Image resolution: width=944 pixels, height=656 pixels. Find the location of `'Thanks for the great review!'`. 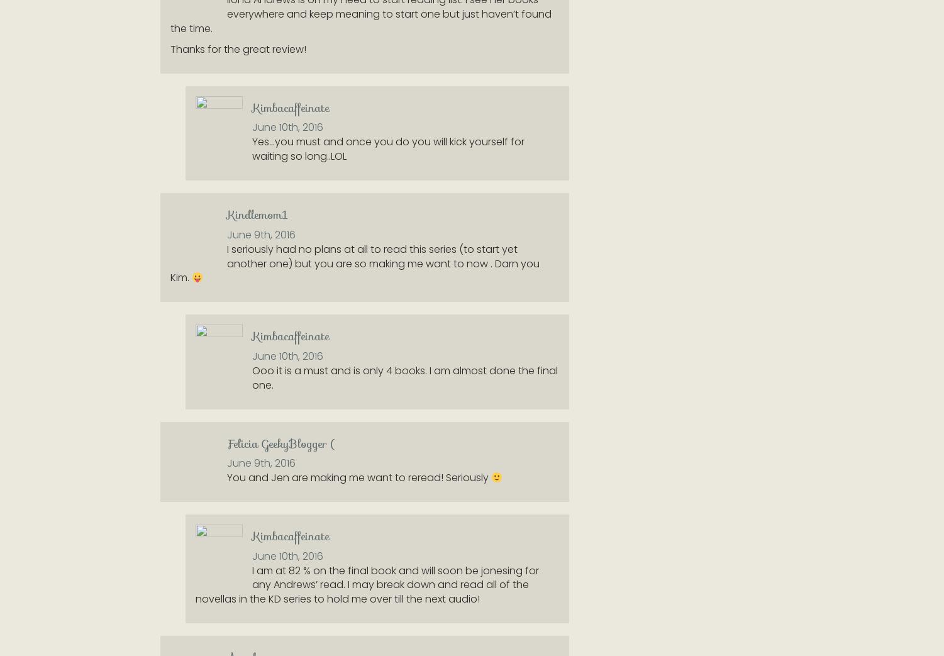

'Thanks for the great review!' is located at coordinates (169, 48).